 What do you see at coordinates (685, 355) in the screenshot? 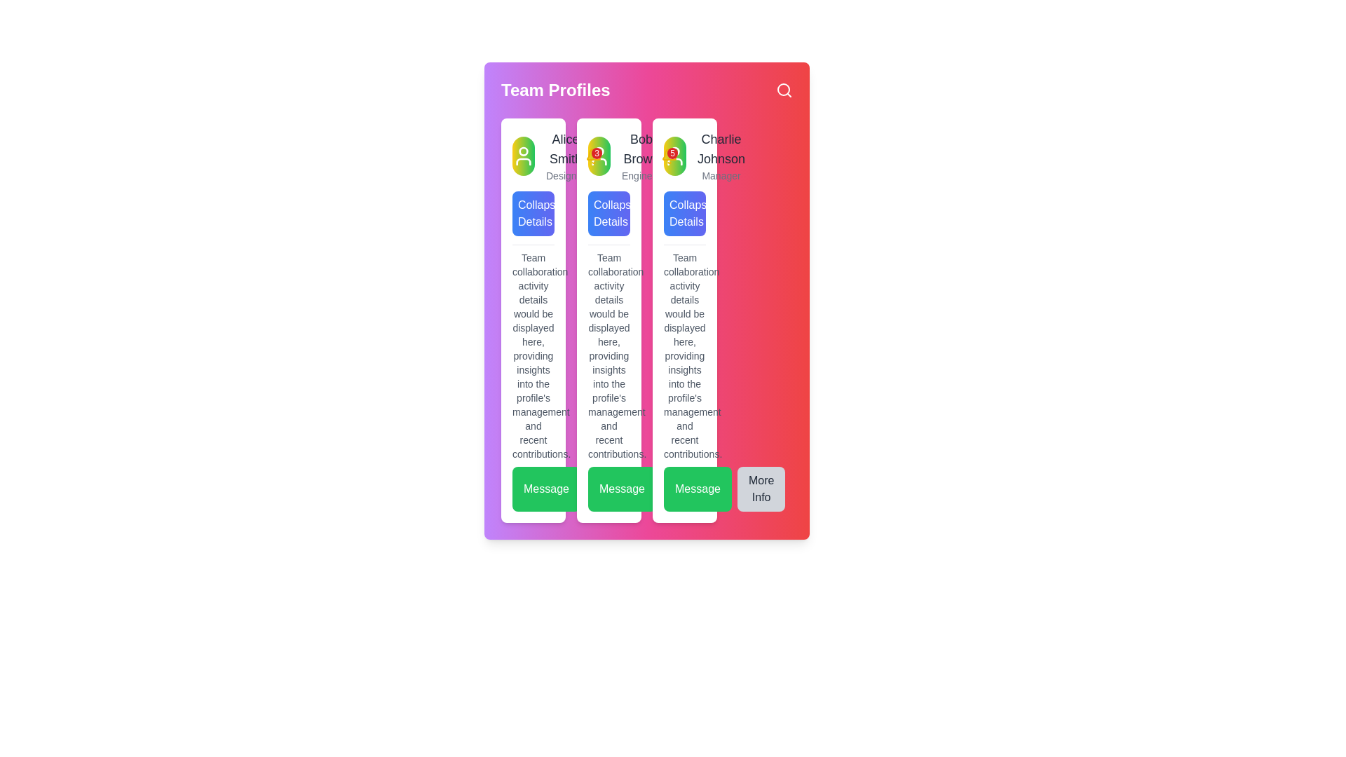
I see `the text block located in the middle of the third card, which is positioned below the 'Collapse Details' button and above the 'Message' button` at bounding box center [685, 355].